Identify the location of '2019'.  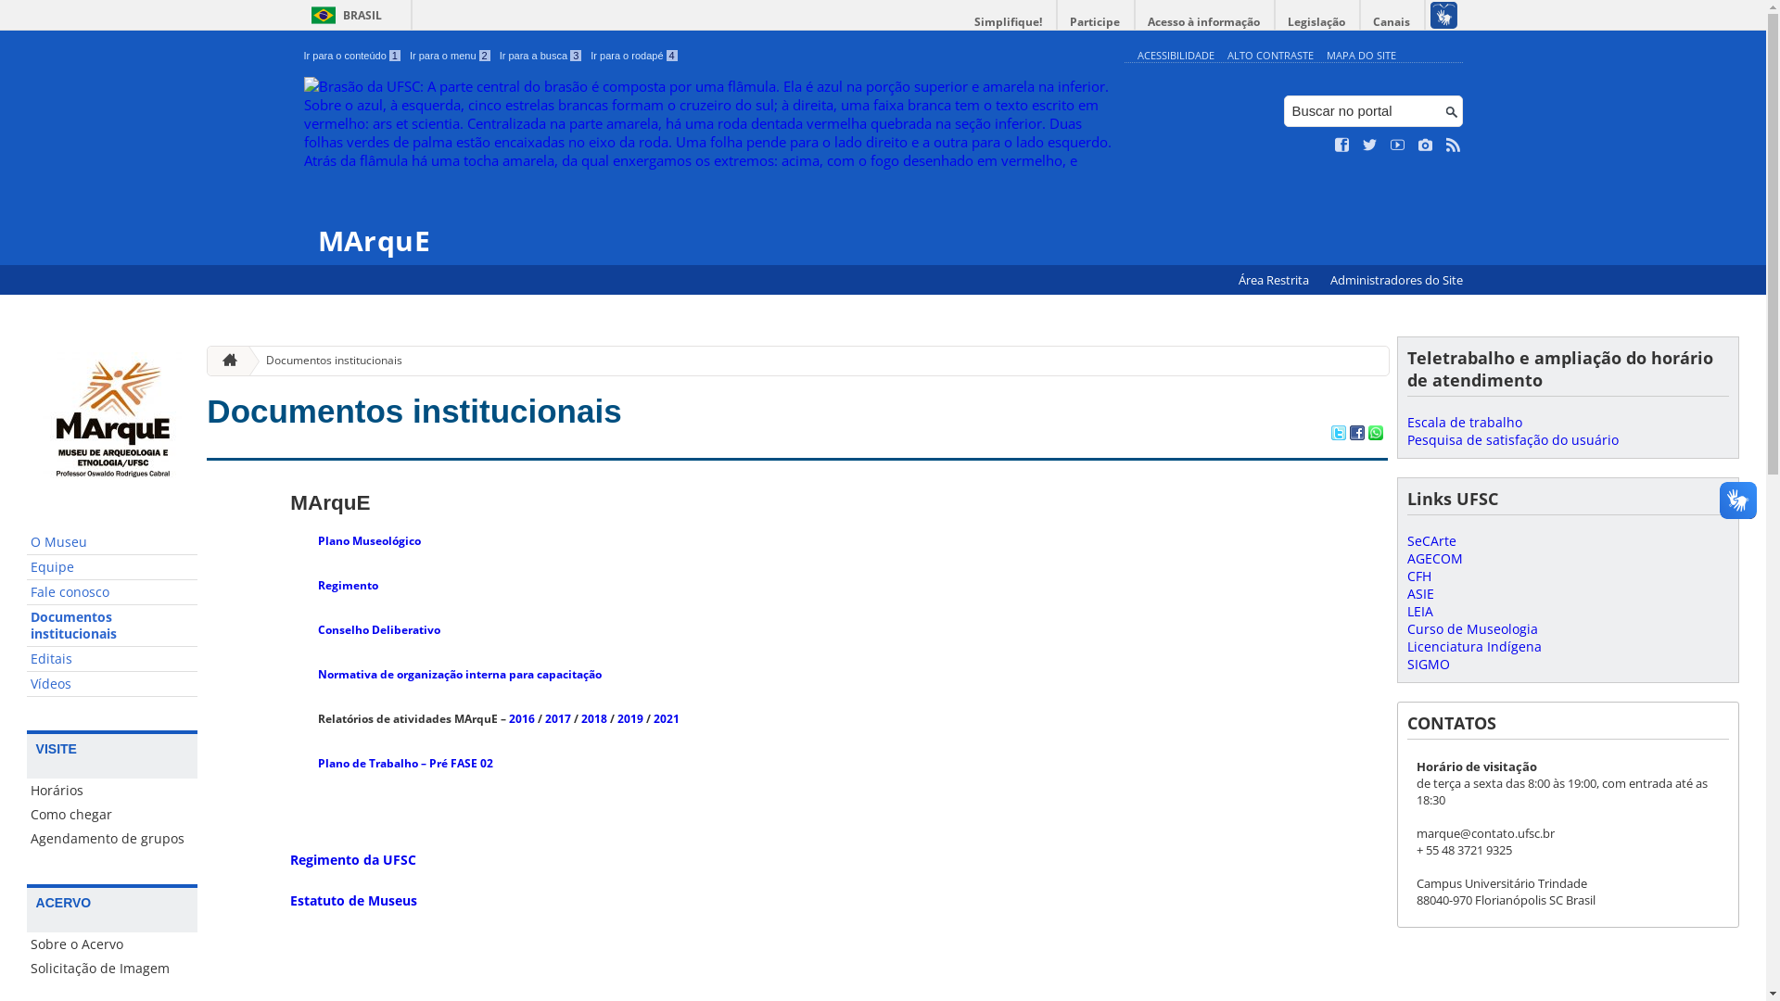
(630, 717).